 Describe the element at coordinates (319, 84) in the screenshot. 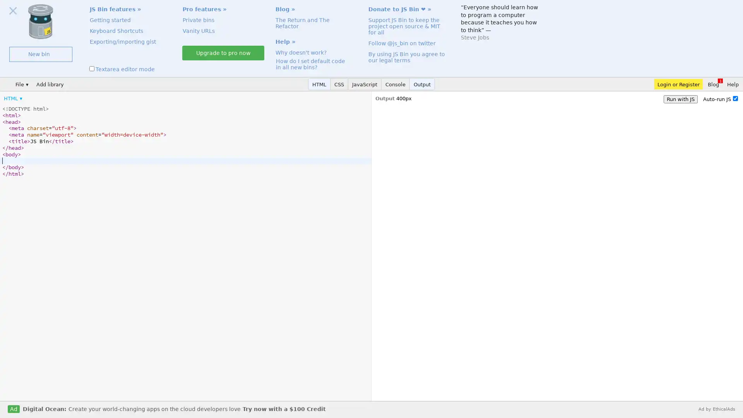

I see `HTML Panel: Active` at that location.